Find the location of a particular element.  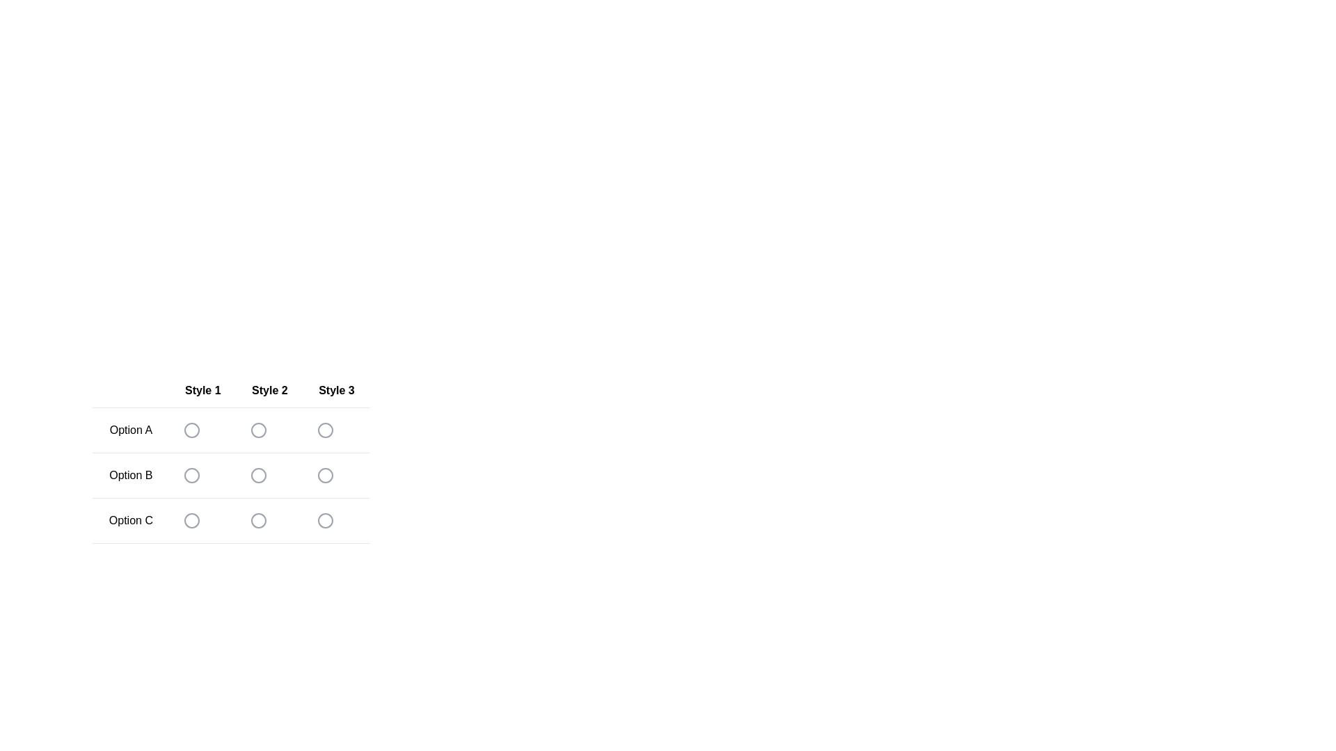

the selectable circular indicator element located in the third row labeled 'Option C' and the second column labeled 'Style 2' is located at coordinates (258, 520).